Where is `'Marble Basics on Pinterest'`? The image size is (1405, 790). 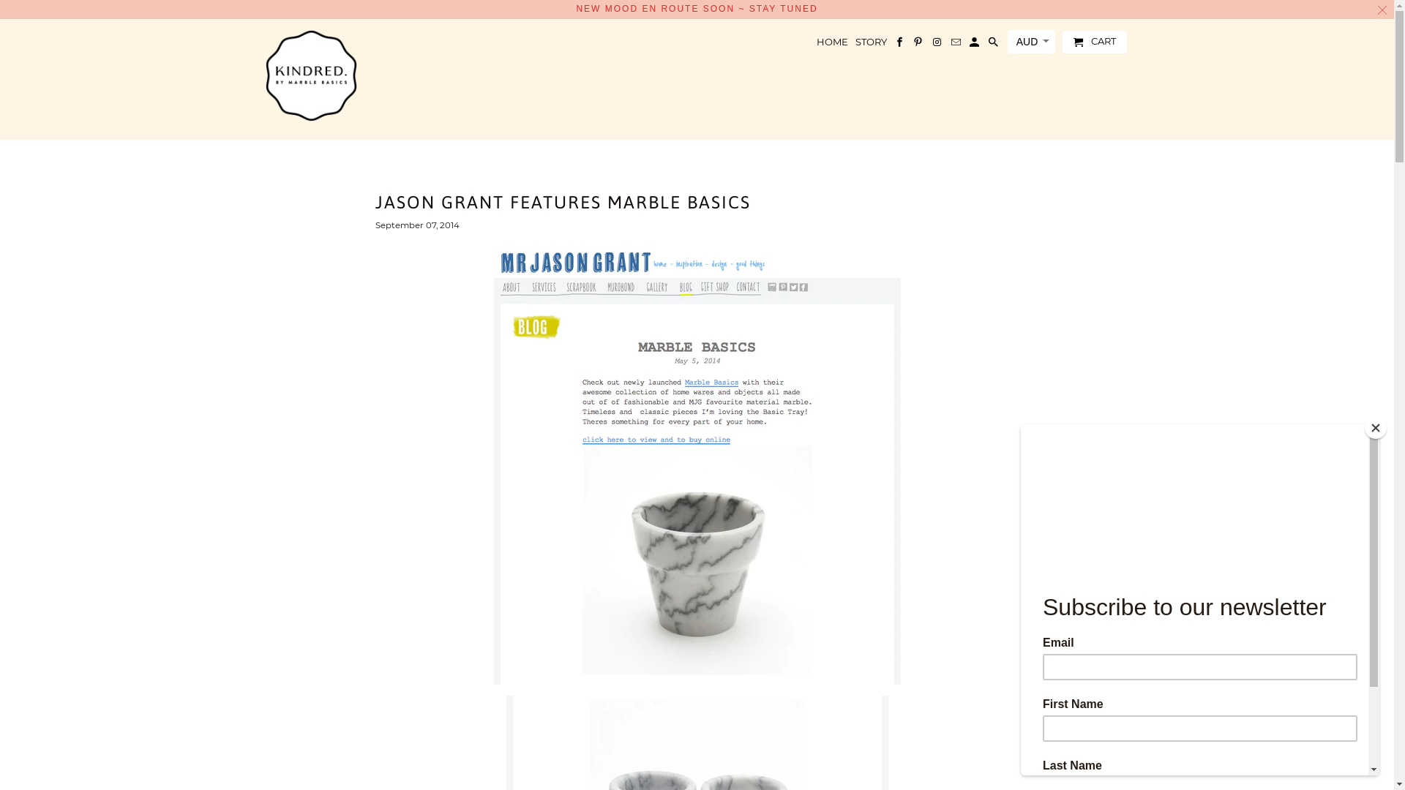 'Marble Basics on Pinterest' is located at coordinates (918, 44).